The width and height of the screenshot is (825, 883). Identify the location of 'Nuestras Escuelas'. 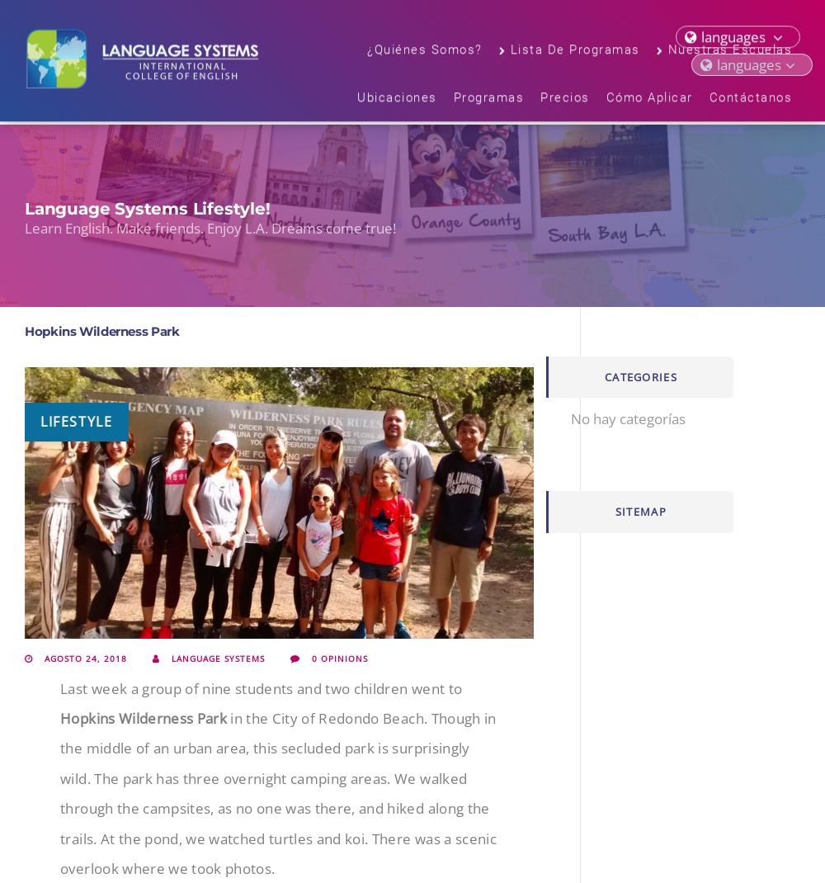
(729, 51).